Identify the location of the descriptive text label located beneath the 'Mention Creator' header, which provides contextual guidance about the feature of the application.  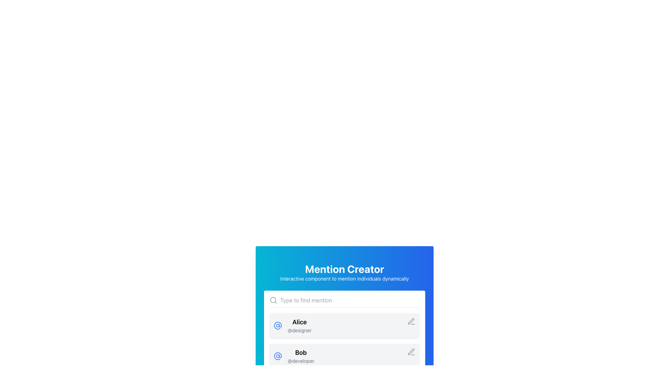
(345, 278).